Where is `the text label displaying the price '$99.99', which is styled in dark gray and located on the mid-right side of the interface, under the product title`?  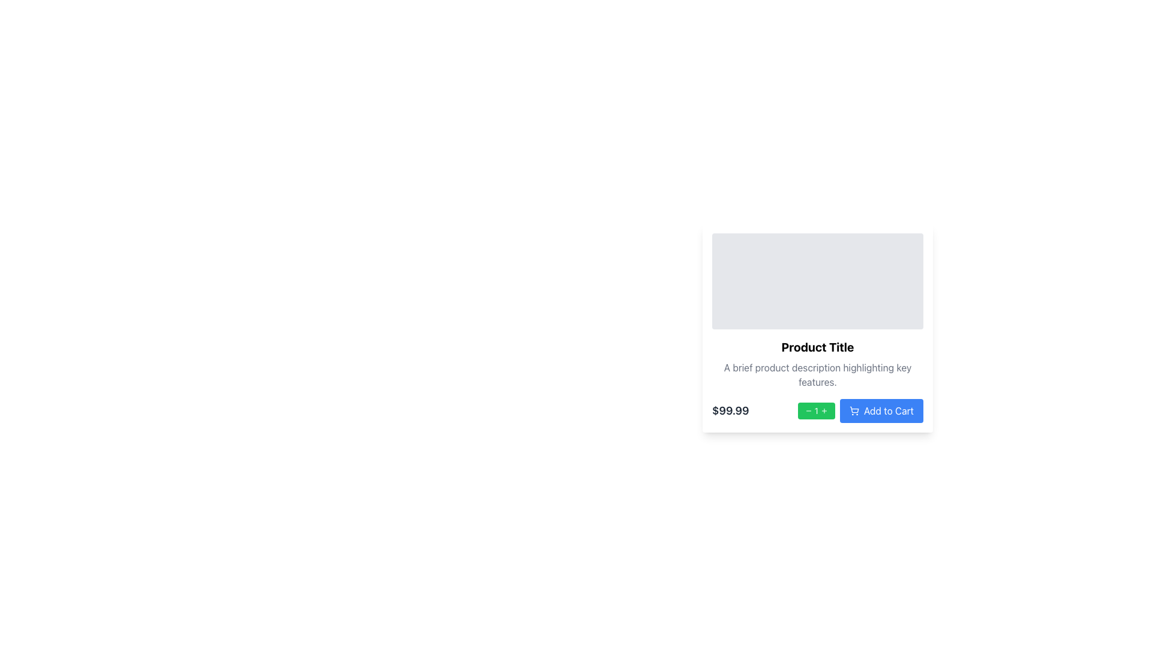 the text label displaying the price '$99.99', which is styled in dark gray and located on the mid-right side of the interface, under the product title is located at coordinates (730, 410).